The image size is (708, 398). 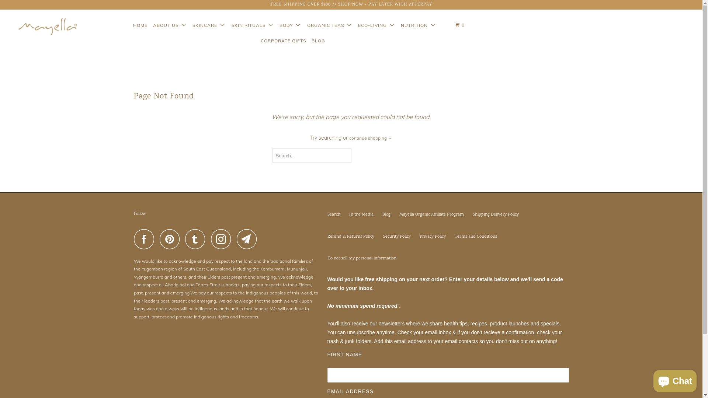 I want to click on 'CORPORATE GIFTS', so click(x=282, y=41).